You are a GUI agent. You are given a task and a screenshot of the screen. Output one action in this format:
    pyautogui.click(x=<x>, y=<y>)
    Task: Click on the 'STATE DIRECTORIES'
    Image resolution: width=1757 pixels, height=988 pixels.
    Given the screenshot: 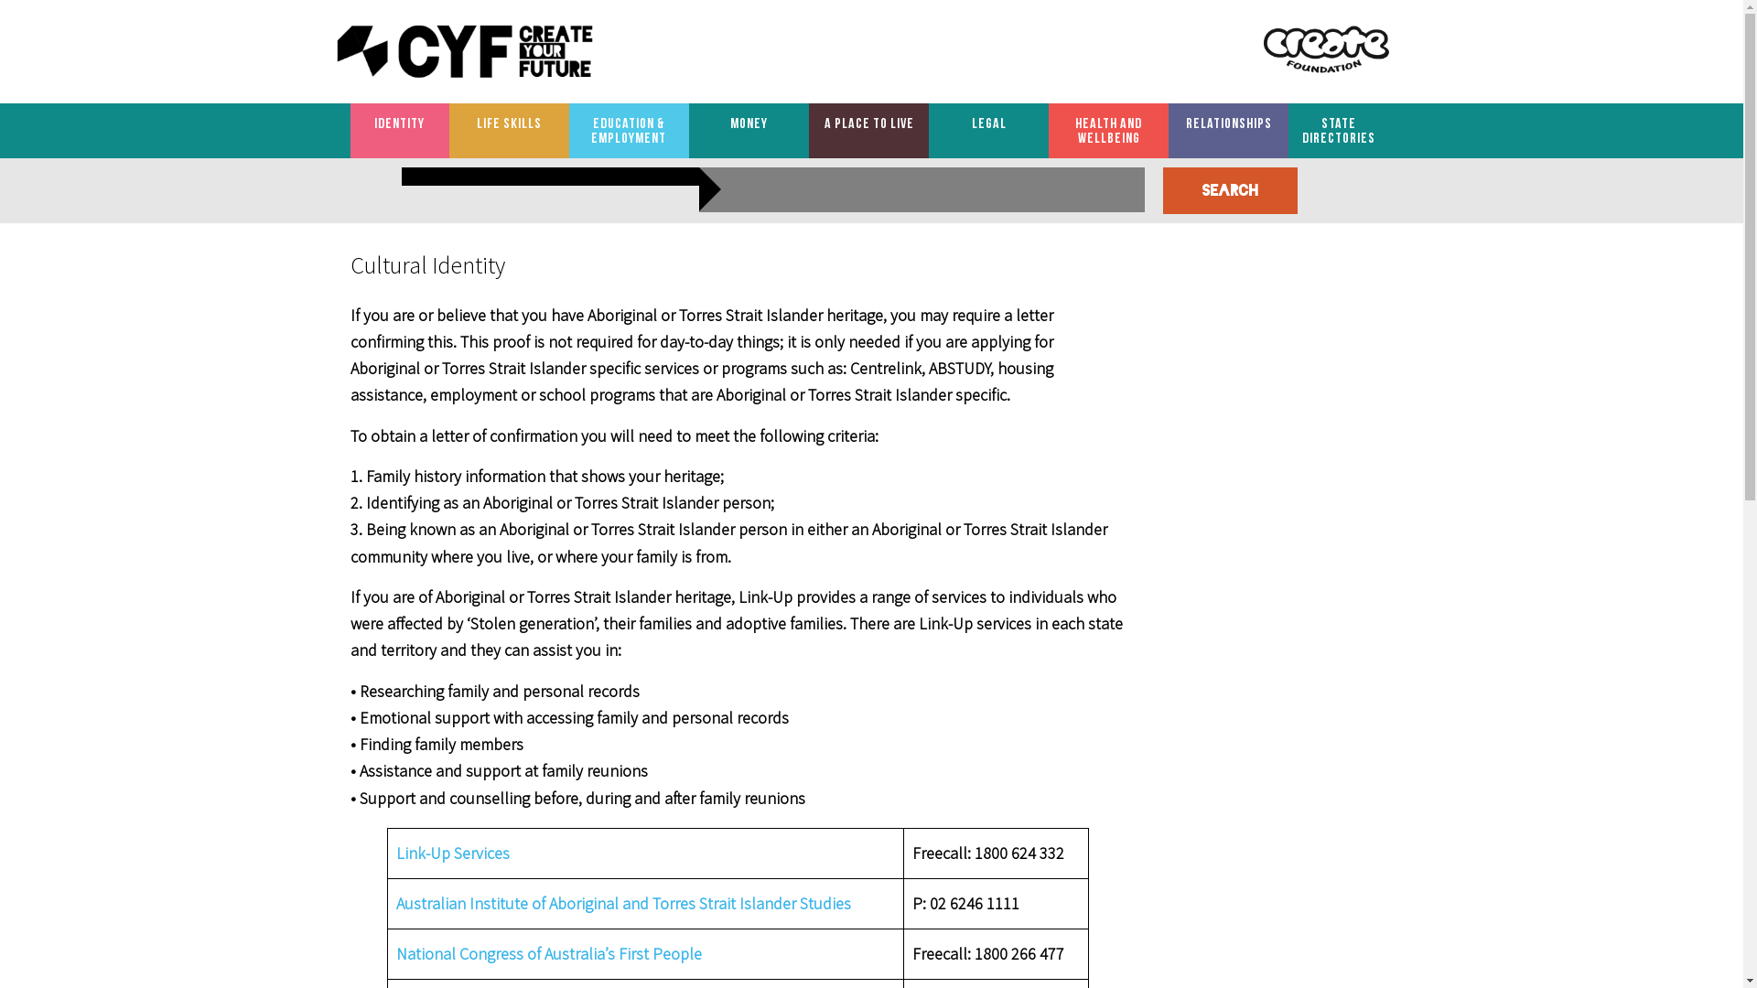 What is the action you would take?
    pyautogui.click(x=1338, y=130)
    